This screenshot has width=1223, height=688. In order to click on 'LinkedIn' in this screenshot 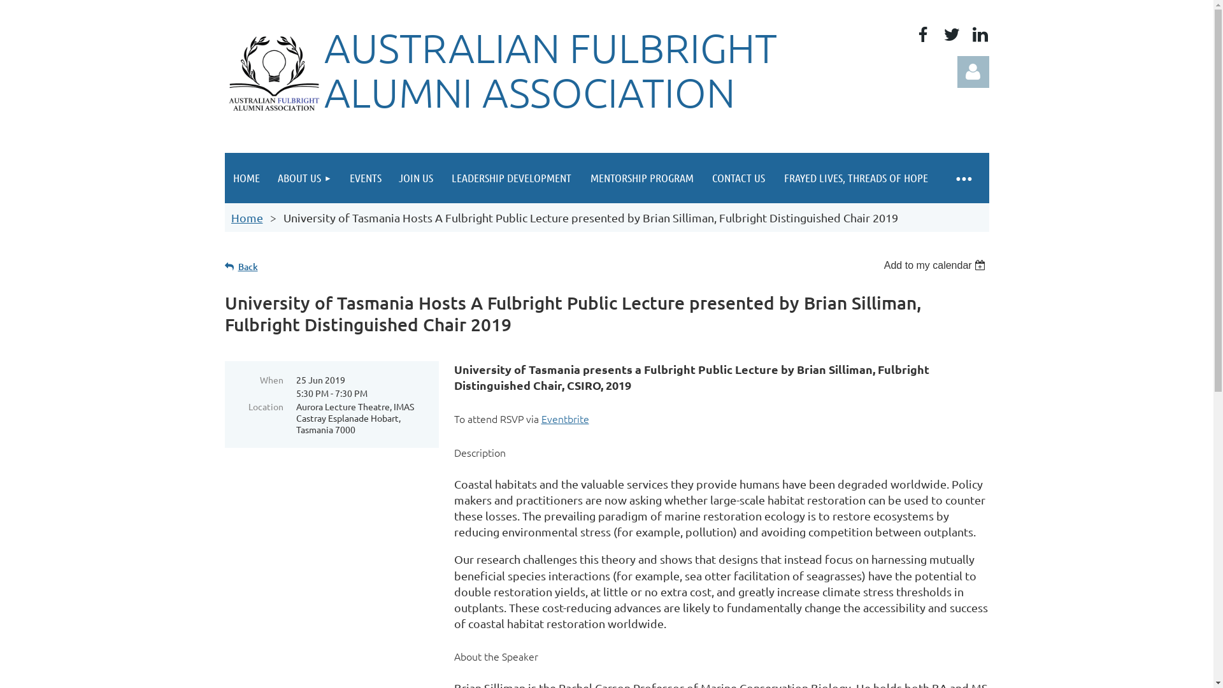, I will do `click(978, 34)`.